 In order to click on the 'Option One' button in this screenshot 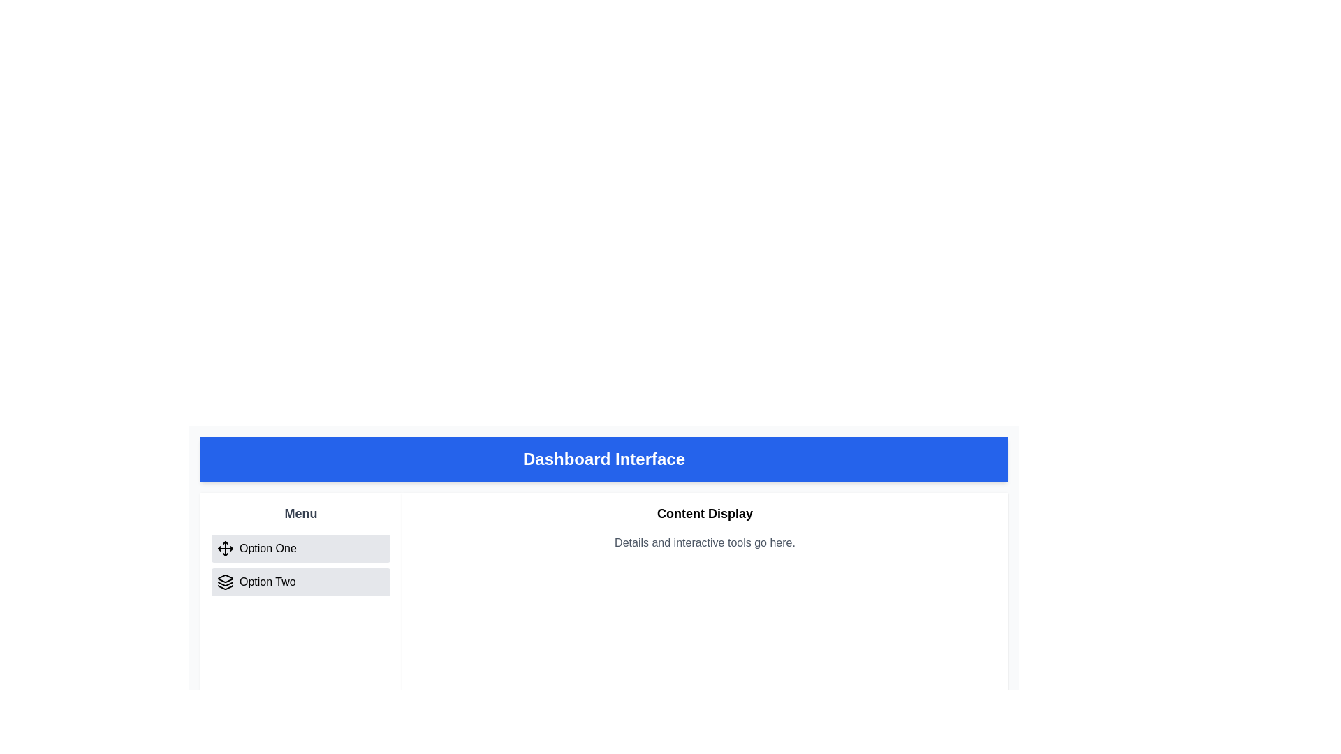, I will do `click(300, 548)`.